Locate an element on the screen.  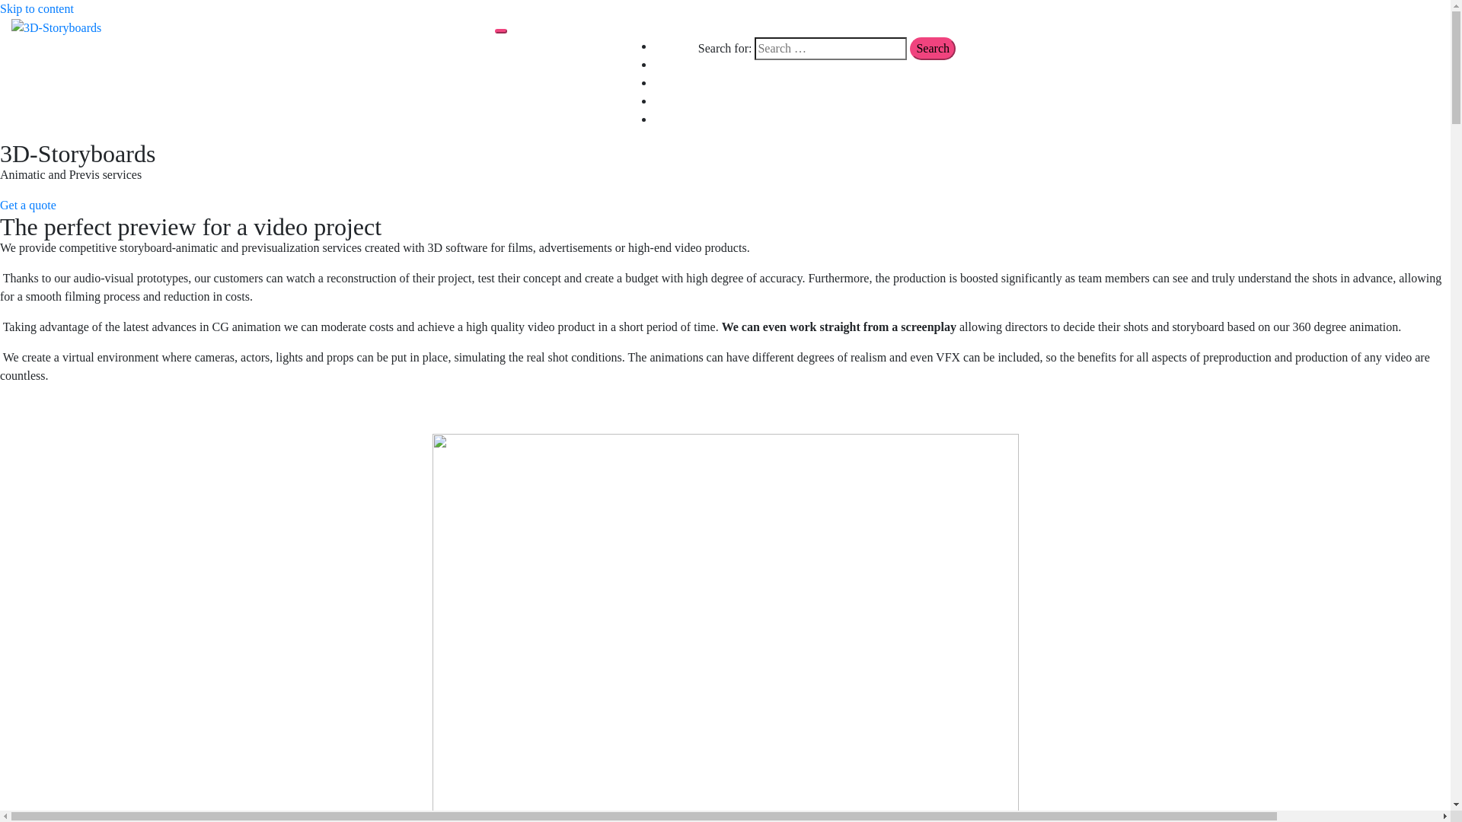
'Search' is located at coordinates (931, 48).